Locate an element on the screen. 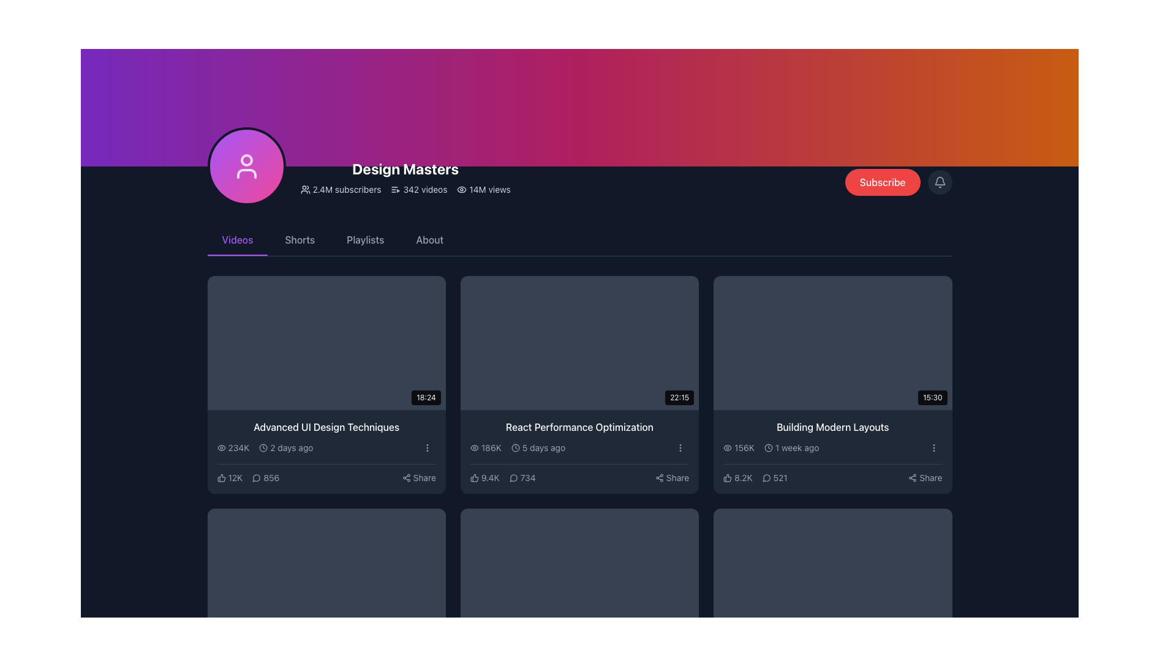 The width and height of the screenshot is (1176, 661). the static text element displaying '14M views' with an eye icon, which is the last item in the horizontal list of statistics under 'Design Masters' is located at coordinates (483, 189).